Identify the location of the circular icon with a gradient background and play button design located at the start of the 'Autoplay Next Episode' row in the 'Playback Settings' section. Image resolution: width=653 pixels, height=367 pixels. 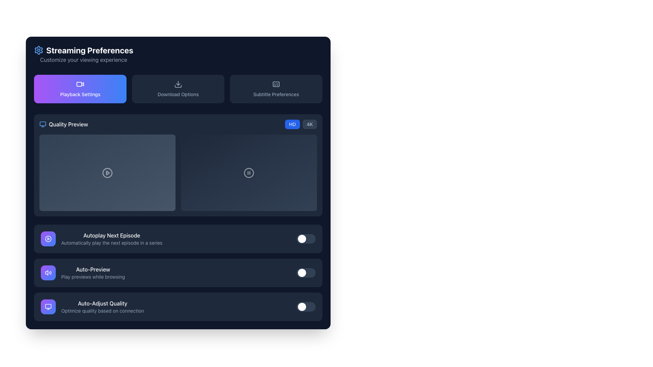
(48, 238).